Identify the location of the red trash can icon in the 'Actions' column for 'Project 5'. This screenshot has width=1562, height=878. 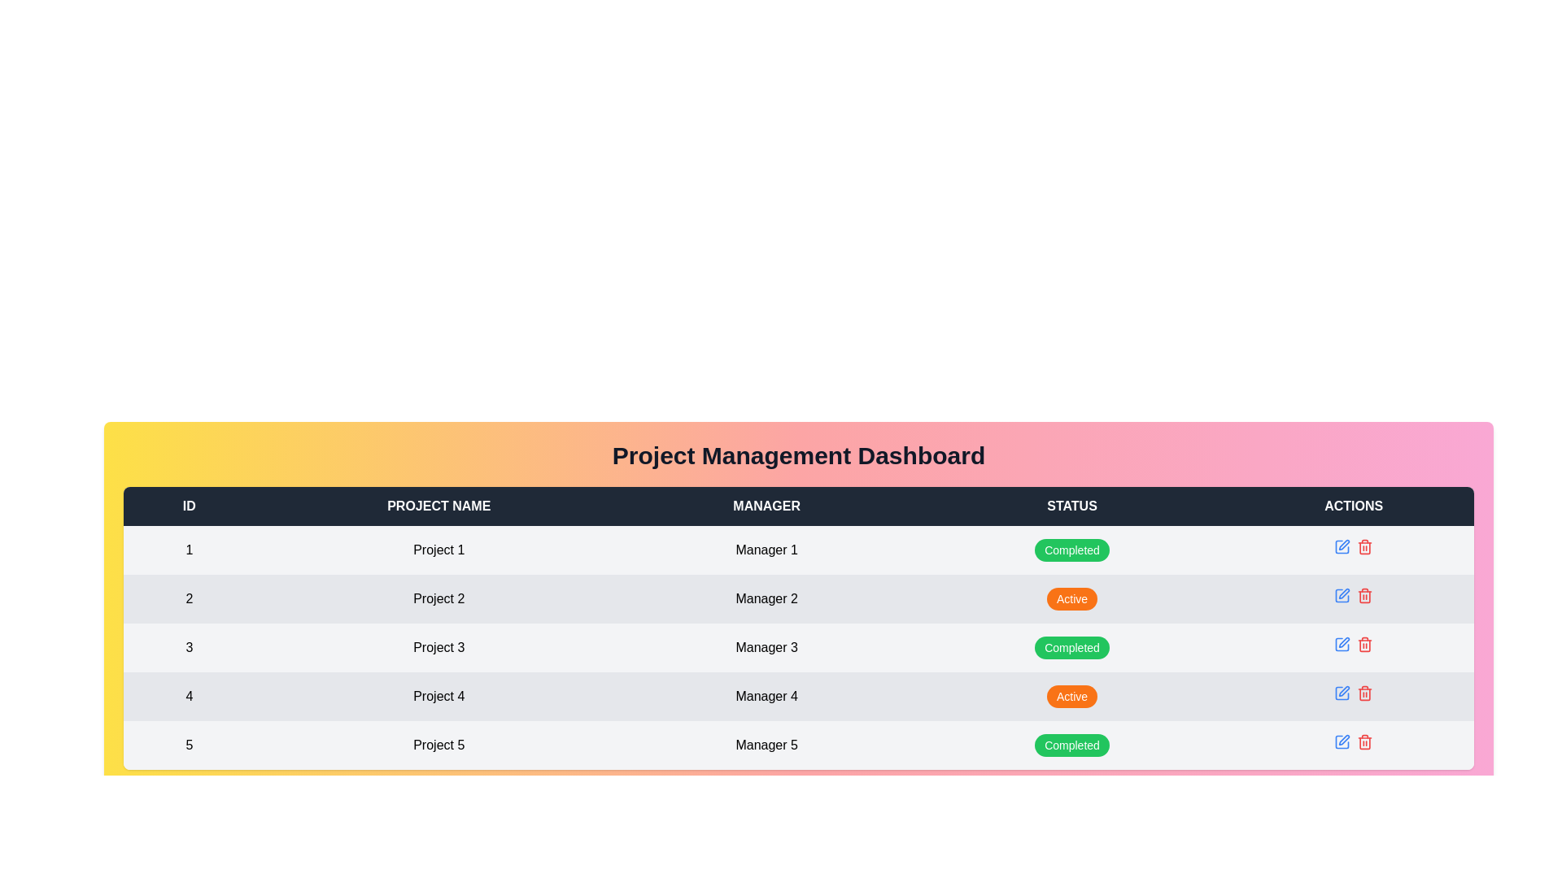
(1354, 742).